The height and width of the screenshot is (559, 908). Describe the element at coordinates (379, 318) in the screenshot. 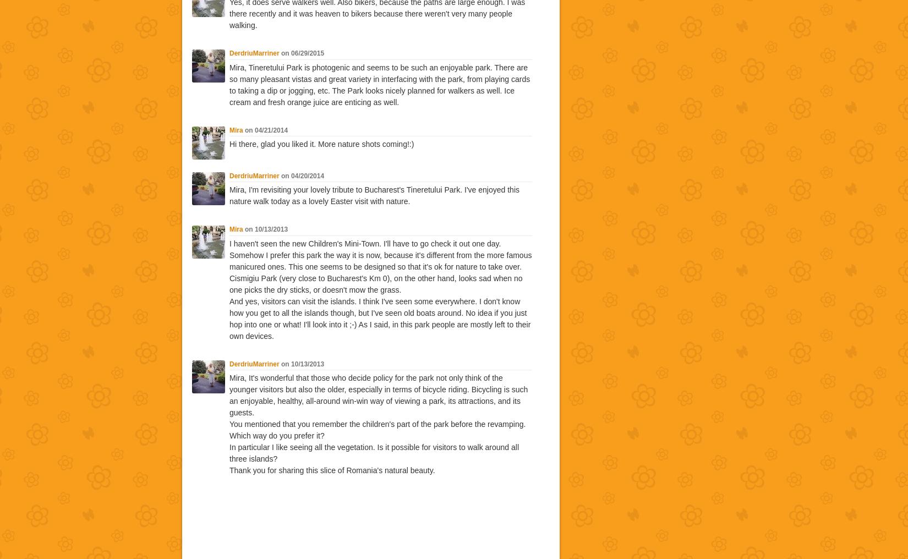

I see `'And yes, visitors can visit the islands. I think I've seen some everywhere. I don't know how you get to all the islands though, but I've seen old boats around. No idea if you just hop into one or what! I'll look into it ;-) As I said, in this park people are mostly left to their own devices.'` at that location.